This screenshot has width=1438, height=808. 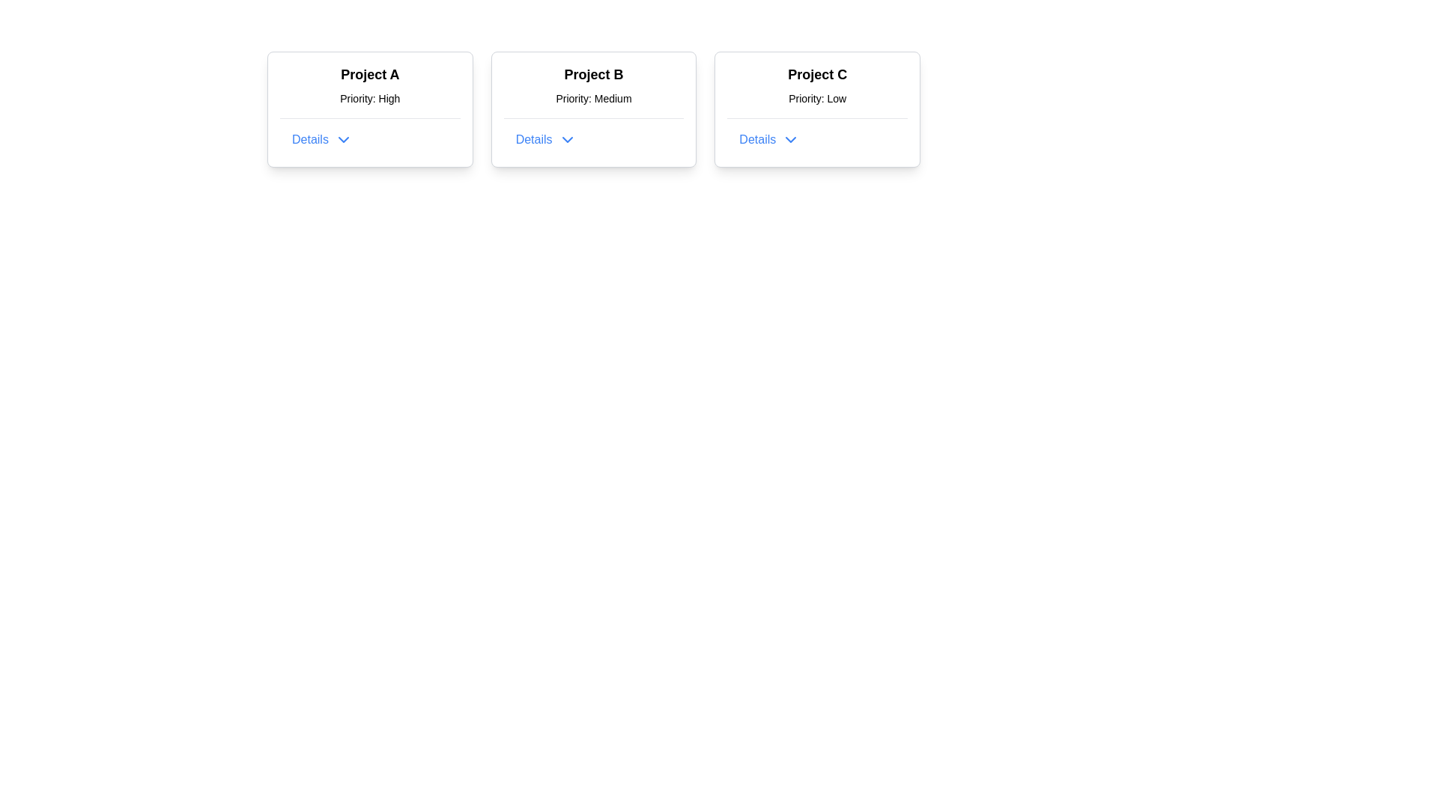 What do you see at coordinates (790, 139) in the screenshot?
I see `the chevron icon located to the right of the 'Details' text within the 'Project C' card` at bounding box center [790, 139].